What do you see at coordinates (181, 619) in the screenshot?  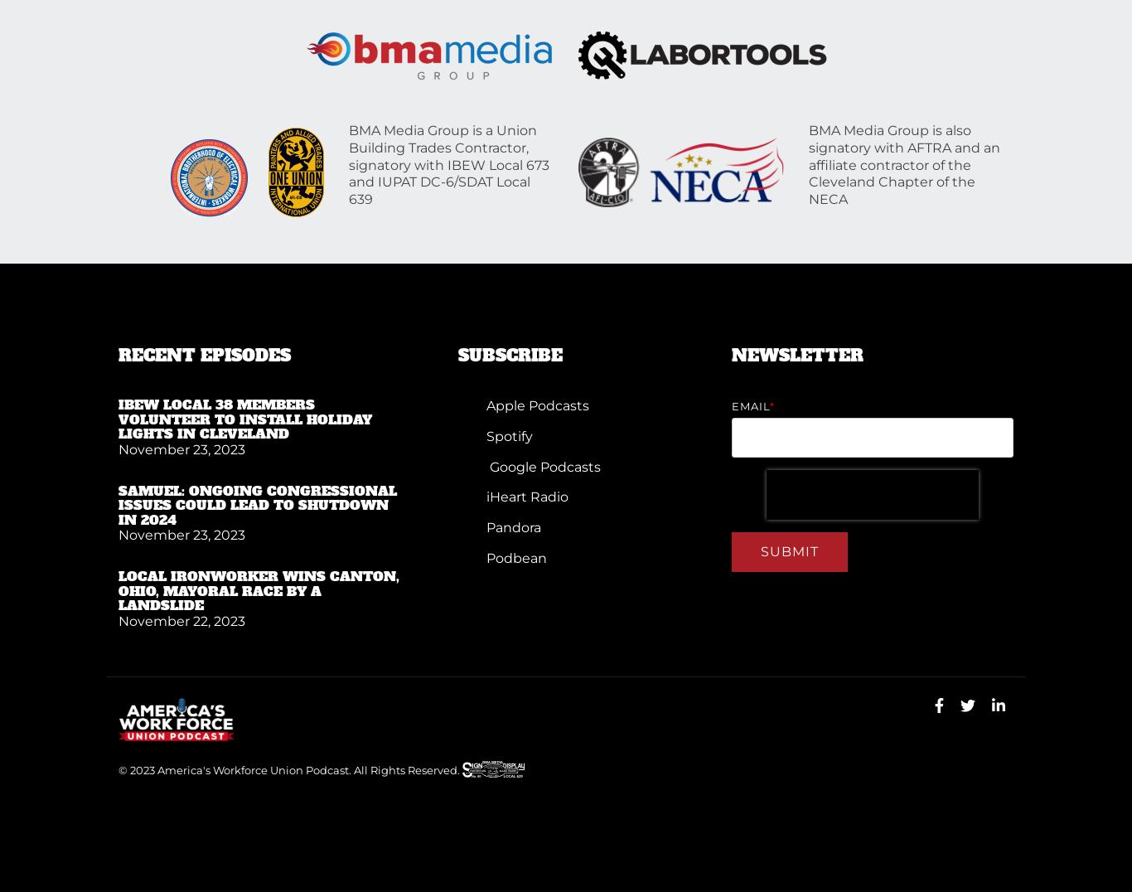 I see `'November 22, 2023'` at bounding box center [181, 619].